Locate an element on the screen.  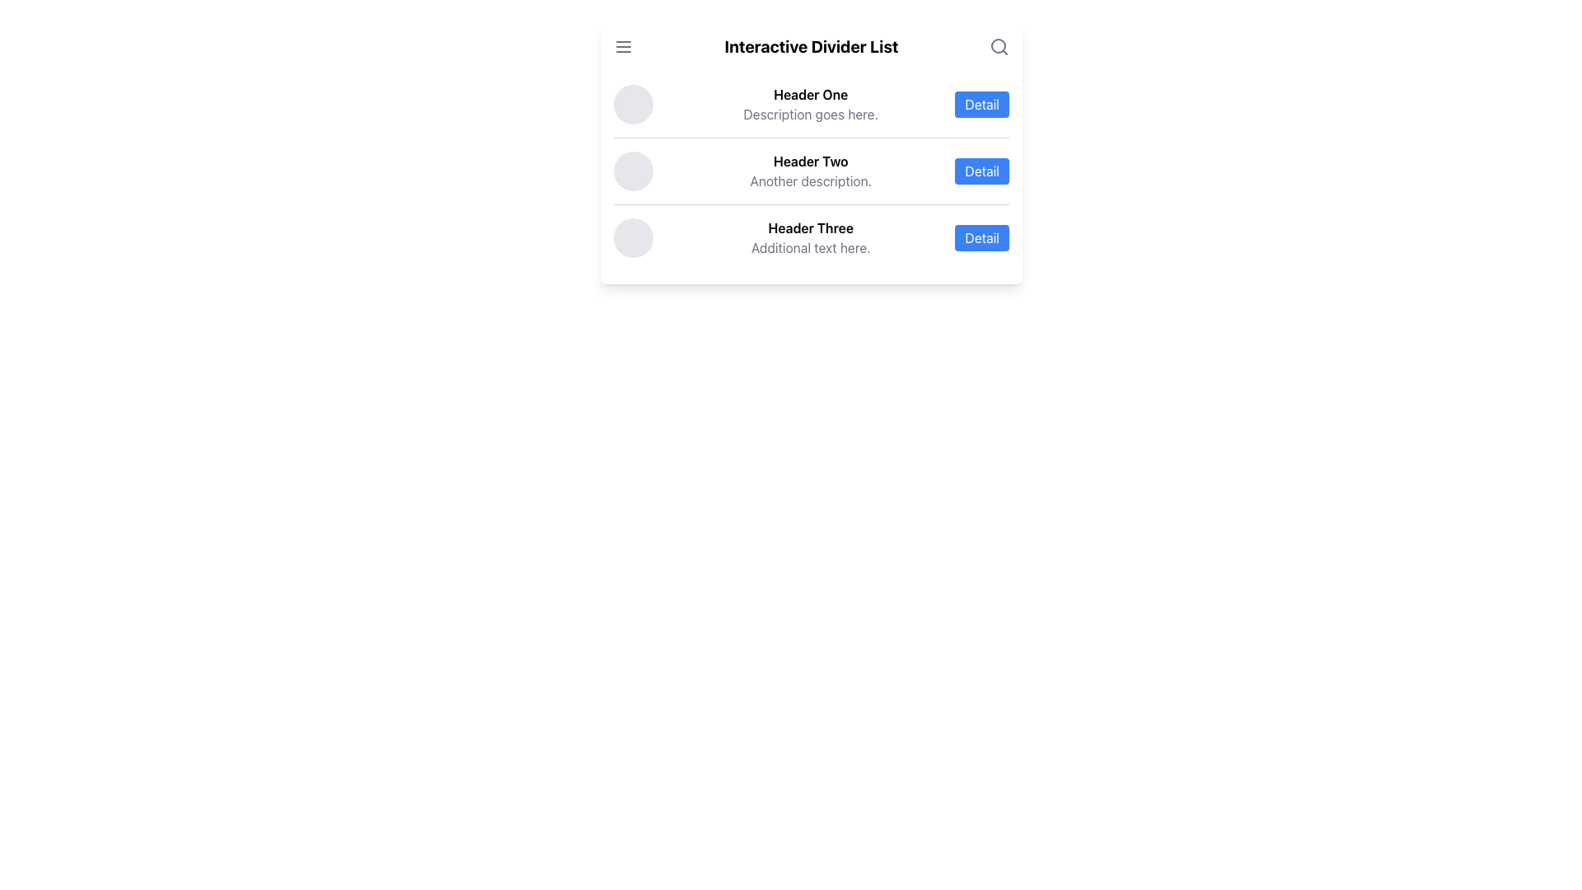
the rightmost button on the third row, which is aligned with 'Header Three' is located at coordinates (982, 238).